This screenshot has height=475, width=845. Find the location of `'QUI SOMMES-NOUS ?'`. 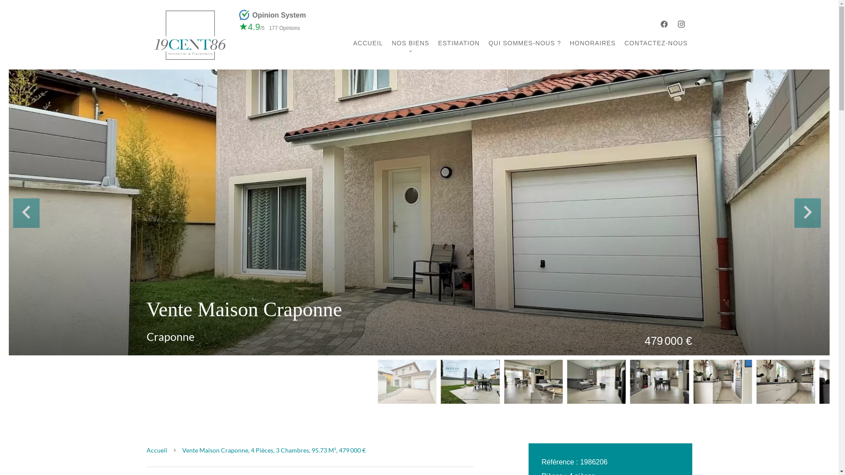

'QUI SOMMES-NOUS ?' is located at coordinates (488, 43).